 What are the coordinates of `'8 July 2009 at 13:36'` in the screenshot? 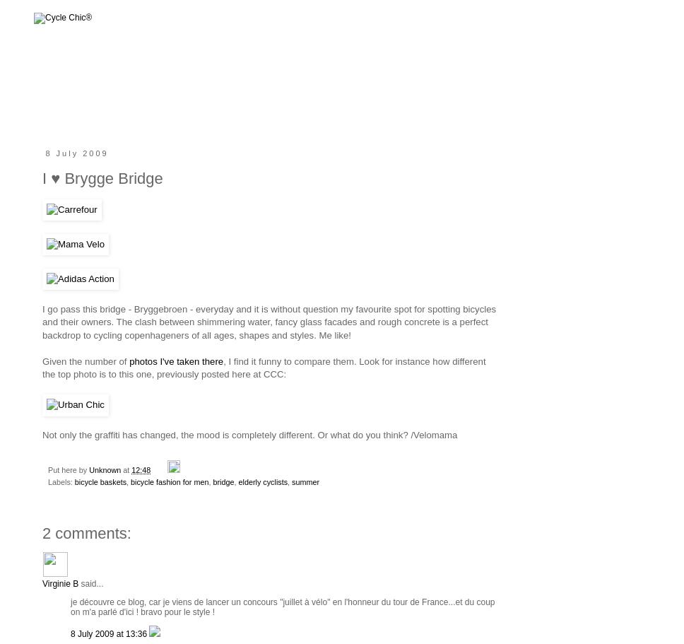 It's located at (109, 633).